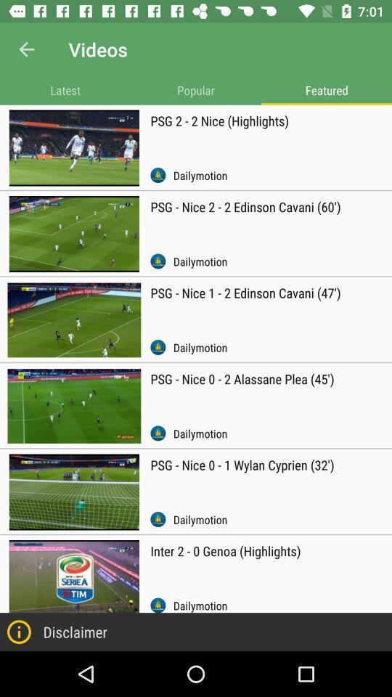 The width and height of the screenshot is (392, 697). Describe the element at coordinates (326, 89) in the screenshot. I see `featured item` at that location.